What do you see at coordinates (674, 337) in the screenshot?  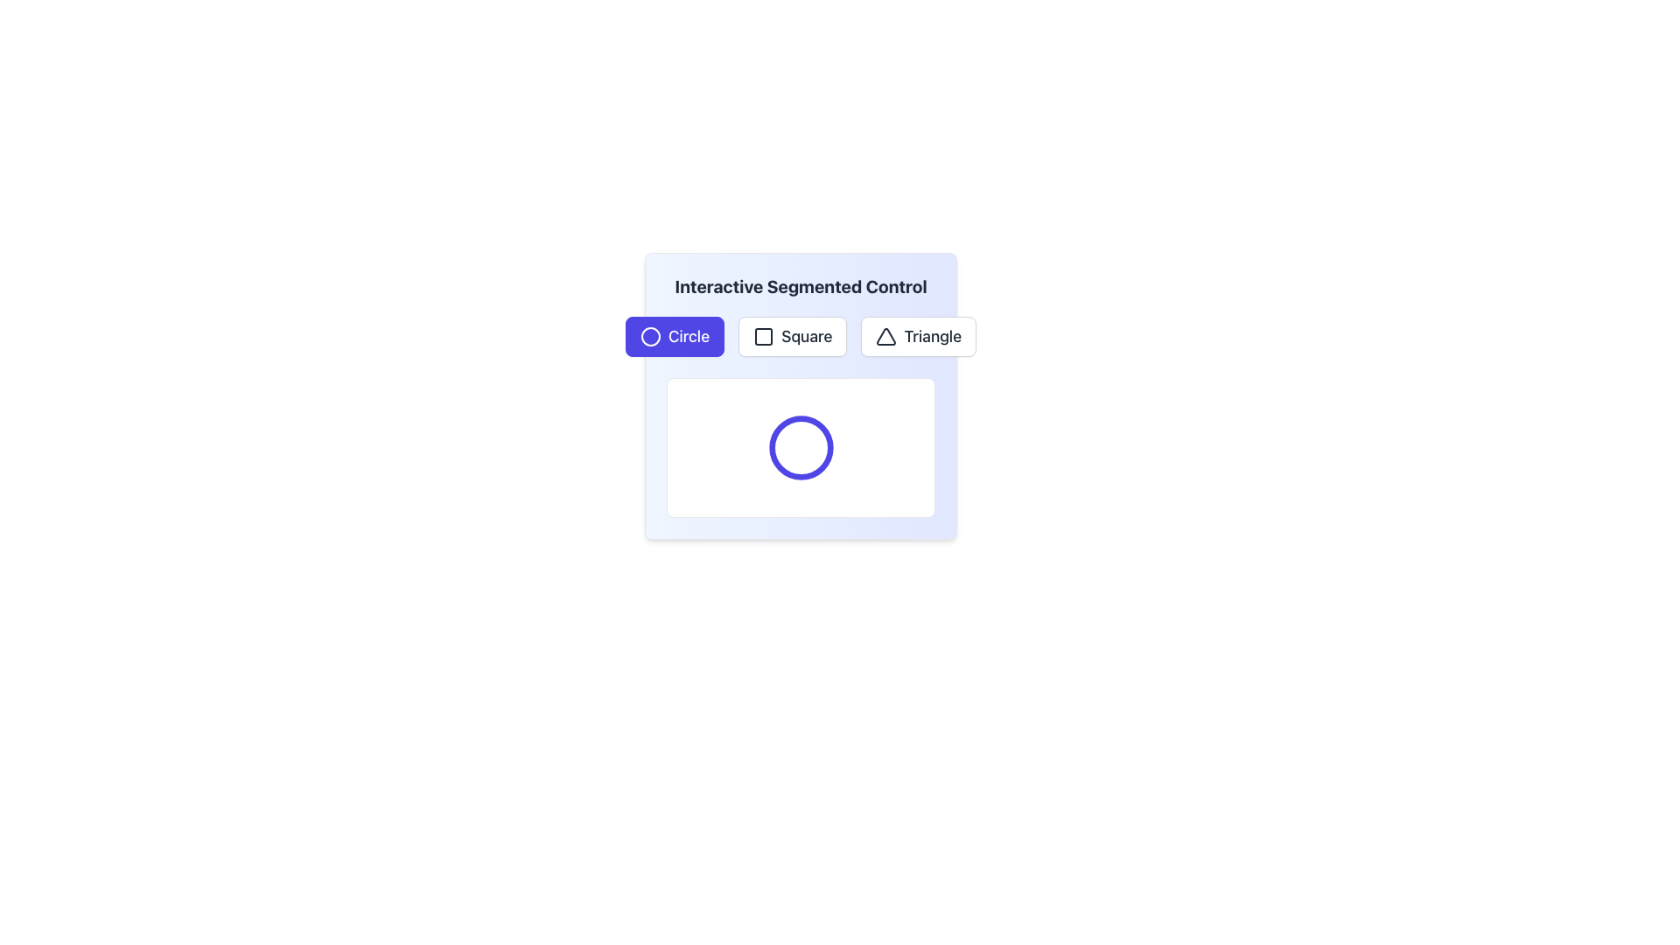 I see `the 'Circle' button, which is a deep indigo rectangular button with a circular icon and white text` at bounding box center [674, 337].